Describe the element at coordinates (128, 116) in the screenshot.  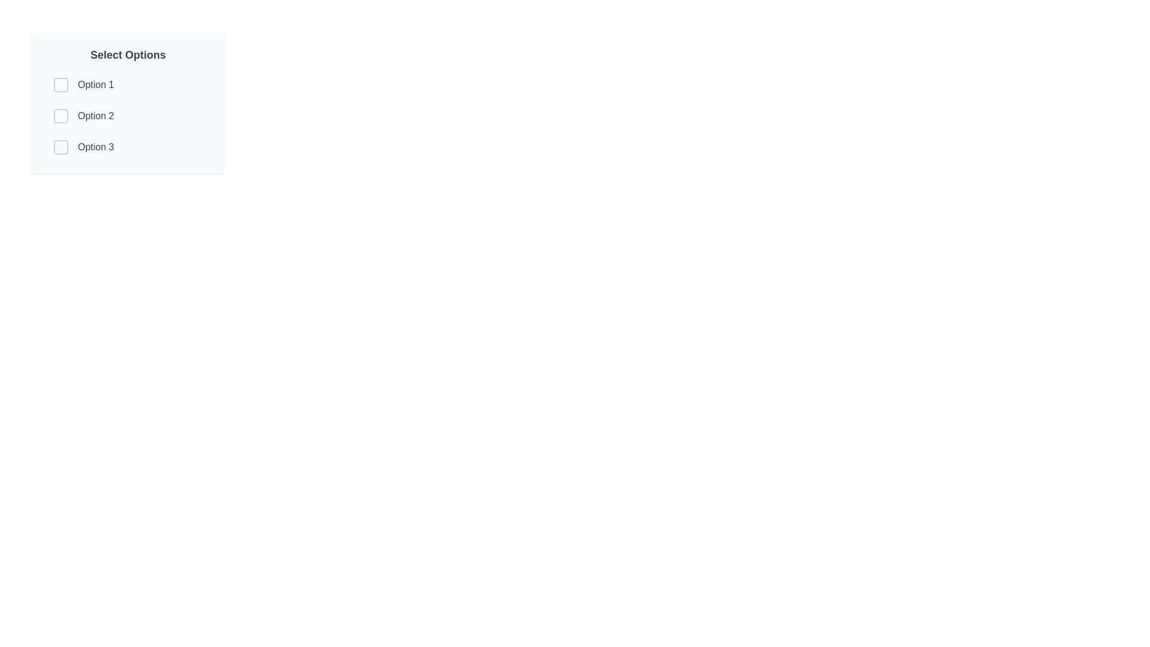
I see `the selectable option list located below the title 'Select Options'` at that location.